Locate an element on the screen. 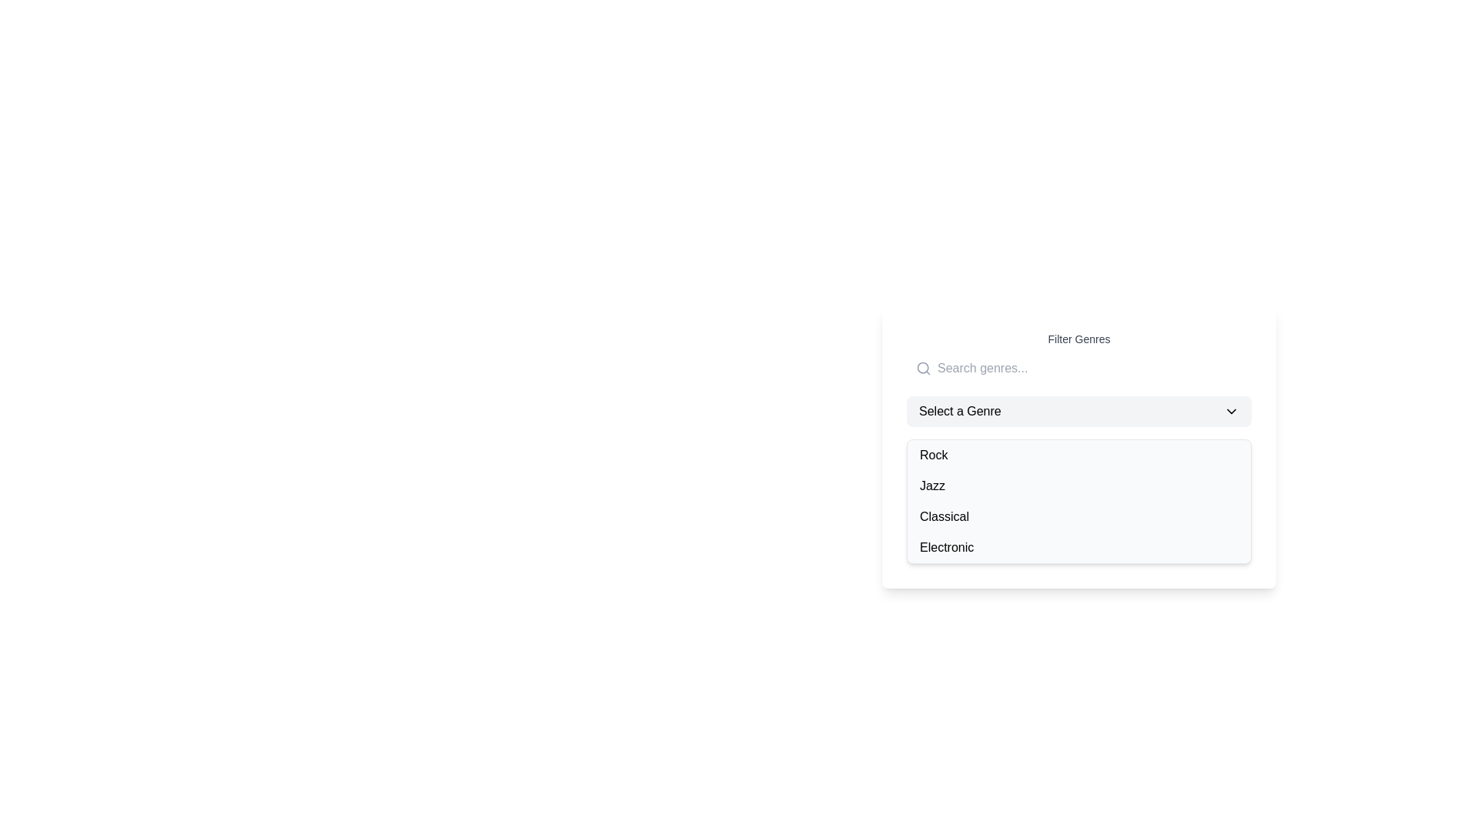 This screenshot has width=1478, height=831. the dropdown menu labeled 'Select a Genre' is located at coordinates (1078, 411).